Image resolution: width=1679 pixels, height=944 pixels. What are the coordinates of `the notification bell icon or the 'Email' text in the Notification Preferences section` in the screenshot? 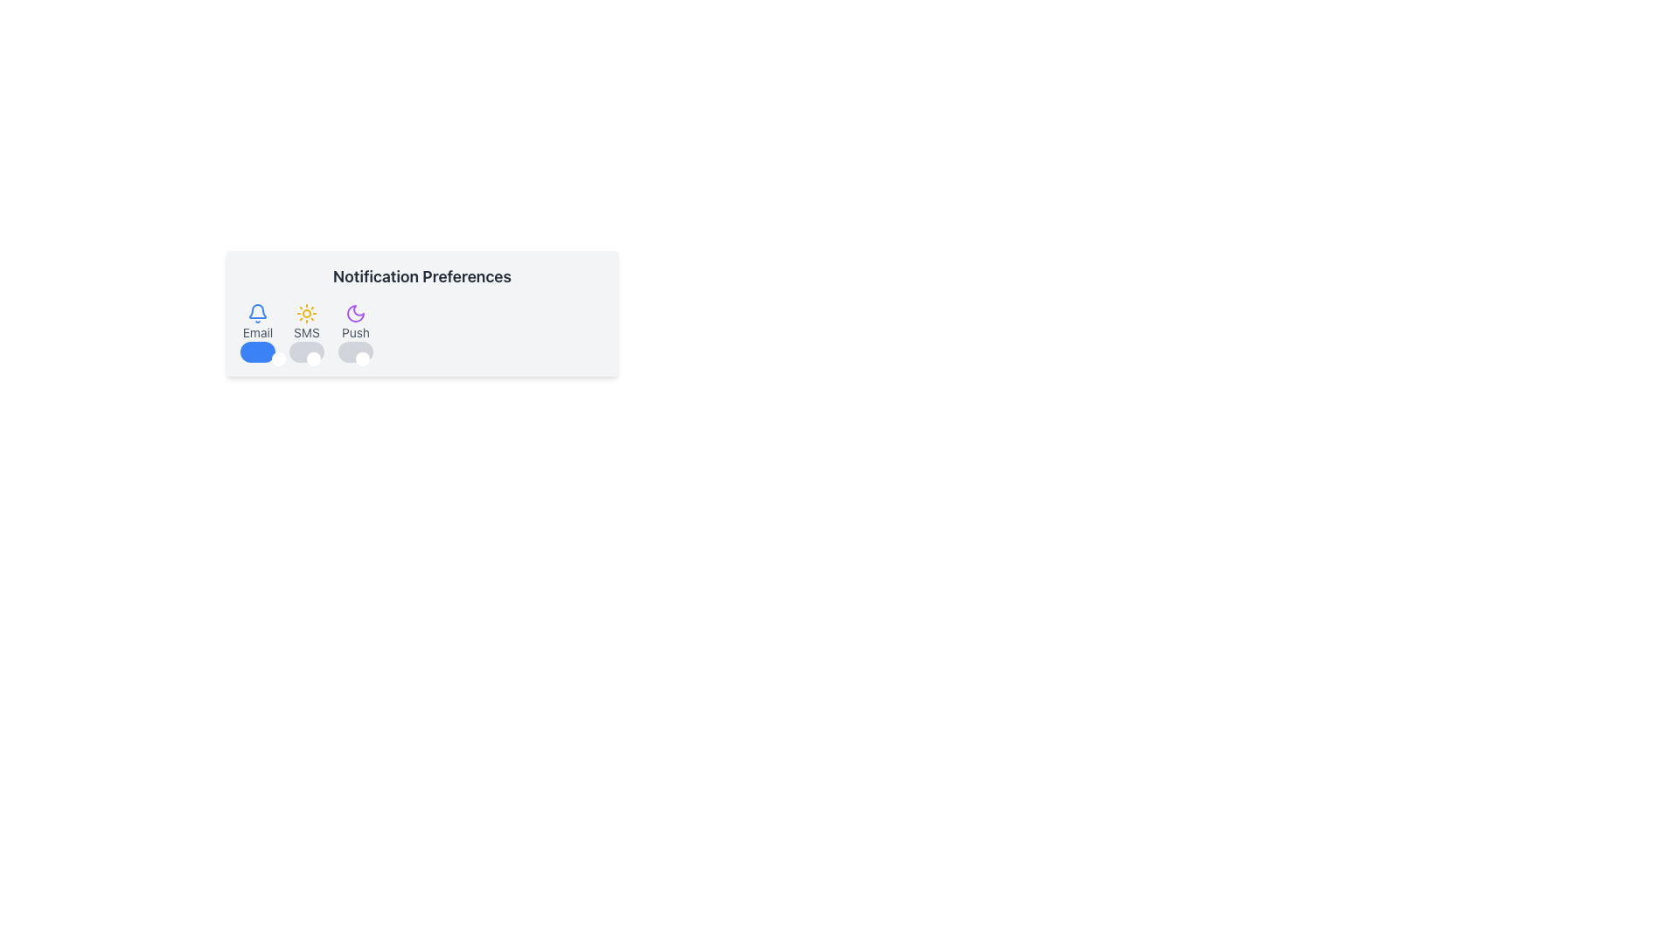 It's located at (256, 333).